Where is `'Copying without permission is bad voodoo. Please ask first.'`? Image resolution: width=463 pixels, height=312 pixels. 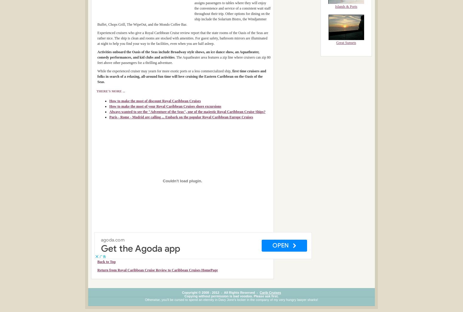
'Copying without permission is bad voodoo. Please ask first.' is located at coordinates (231, 296).